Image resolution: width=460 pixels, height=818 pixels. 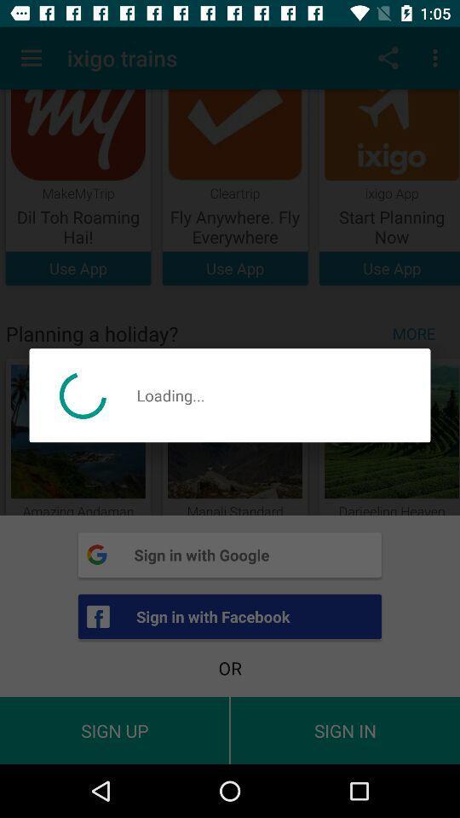 I want to click on first row of second image, so click(x=234, y=187).